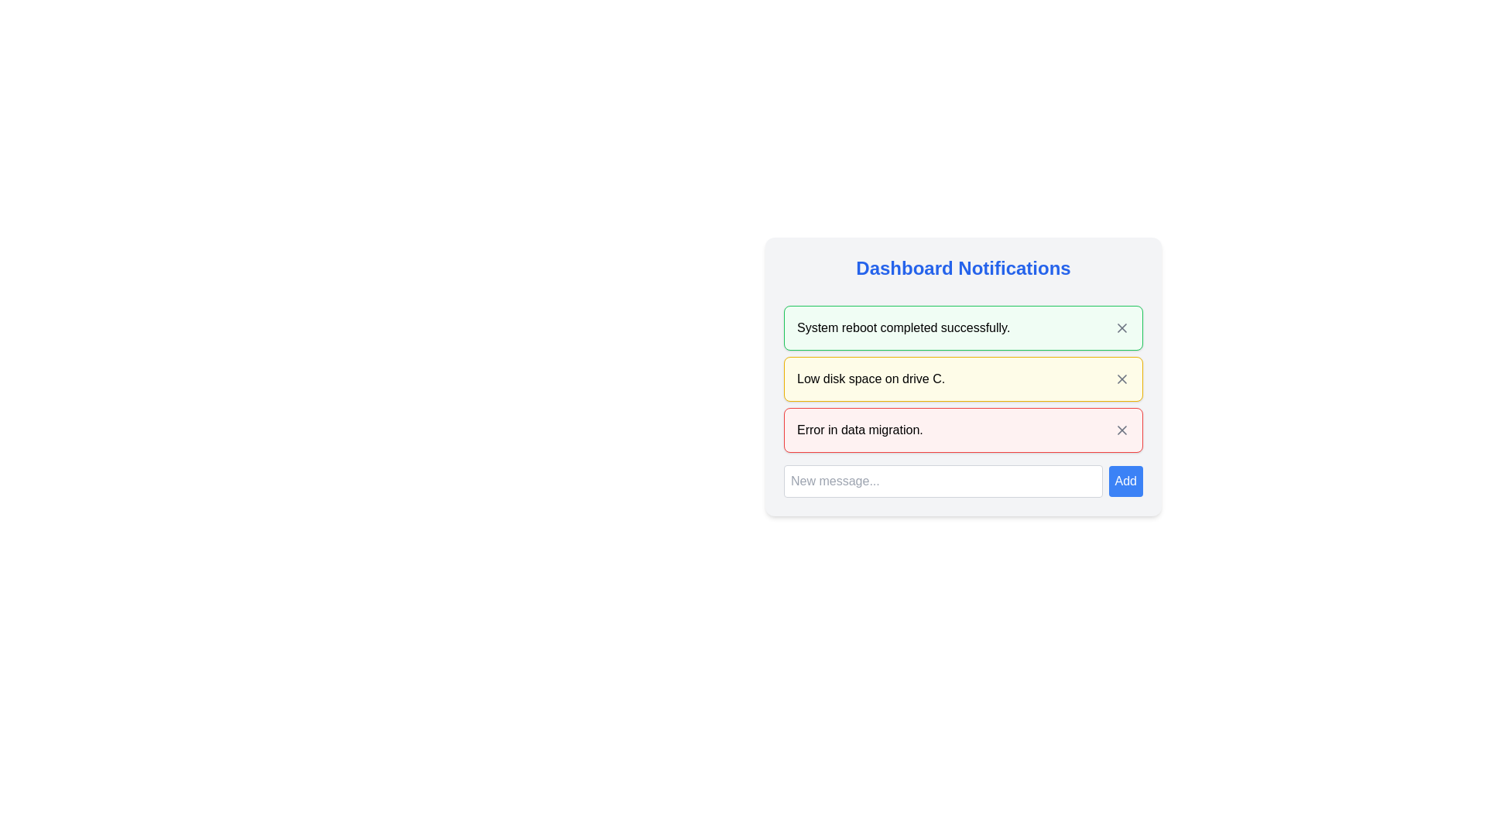 This screenshot has height=836, width=1486. I want to click on the close button icon, which is a small cross-shaped SVG located in the upper-right corner of the yellow notification card that says 'Low disk space on drive C.', so click(1121, 379).